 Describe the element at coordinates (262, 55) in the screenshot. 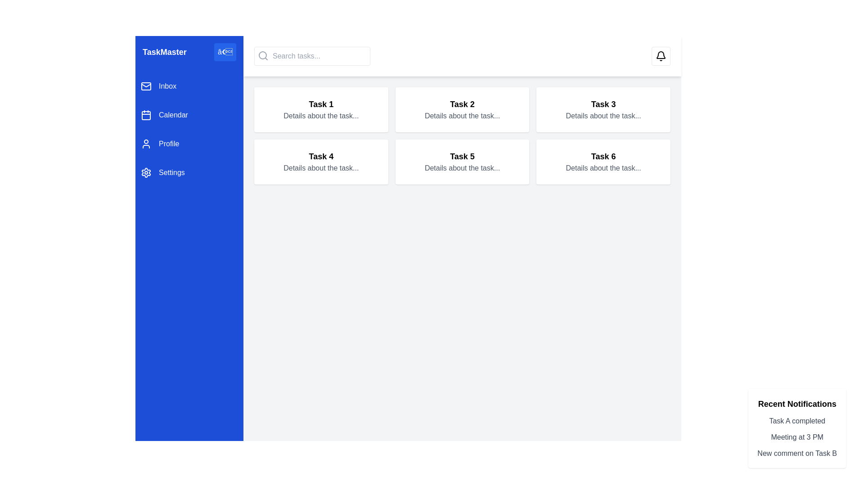

I see `the SVG circle component of the search icon located at the top center of the interface, to the left of the search input field` at that location.